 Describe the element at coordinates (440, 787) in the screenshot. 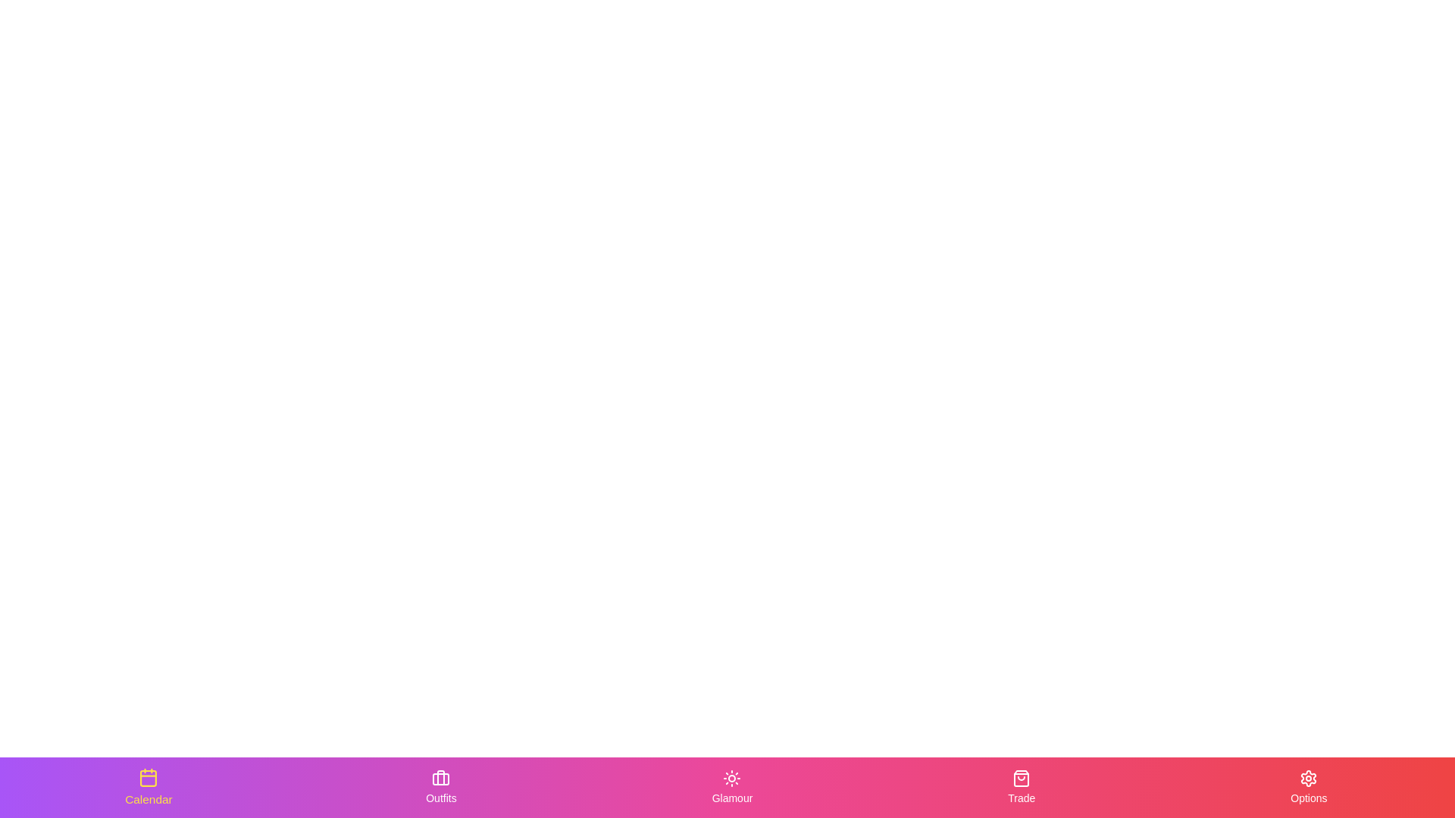

I see `the tab labeled Outfits to observe its hover effect` at that location.